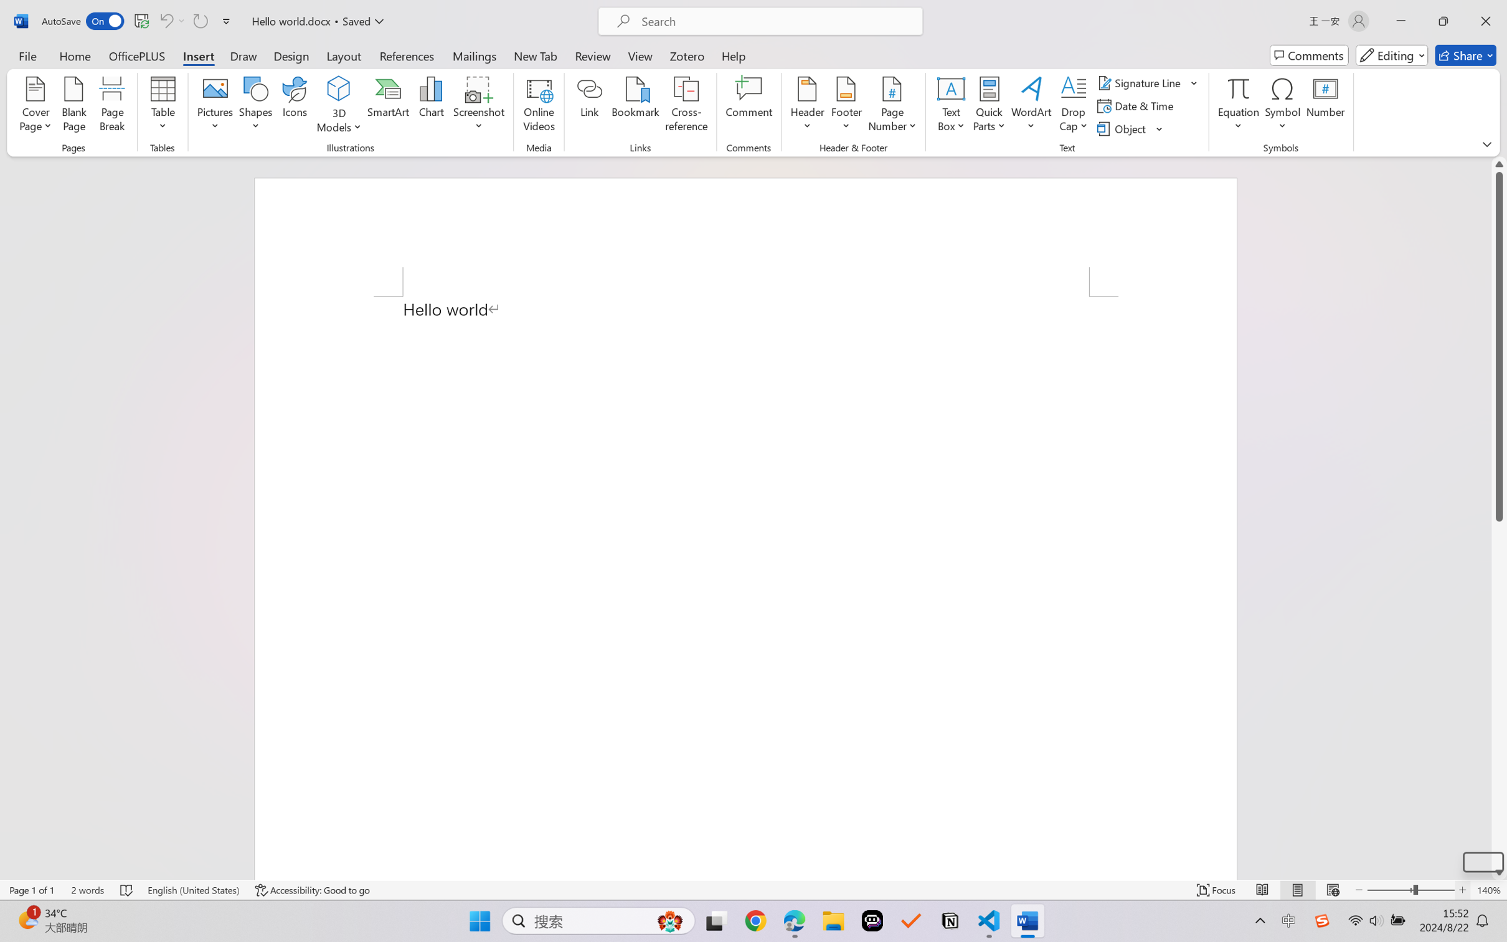 This screenshot has height=942, width=1507. Describe the element at coordinates (112, 106) in the screenshot. I see `'Page Break'` at that location.